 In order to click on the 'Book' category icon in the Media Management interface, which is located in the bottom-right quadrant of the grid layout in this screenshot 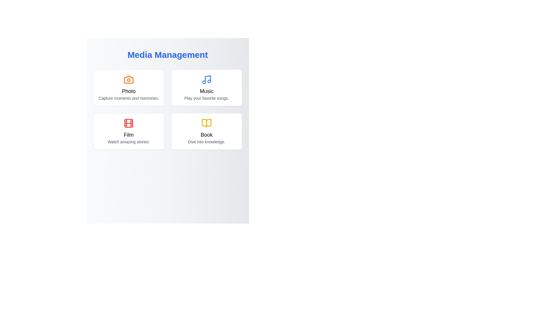, I will do `click(206, 123)`.